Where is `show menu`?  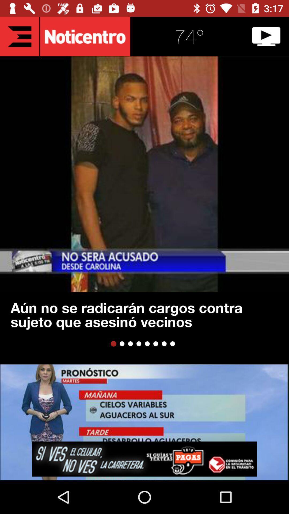 show menu is located at coordinates (19, 36).